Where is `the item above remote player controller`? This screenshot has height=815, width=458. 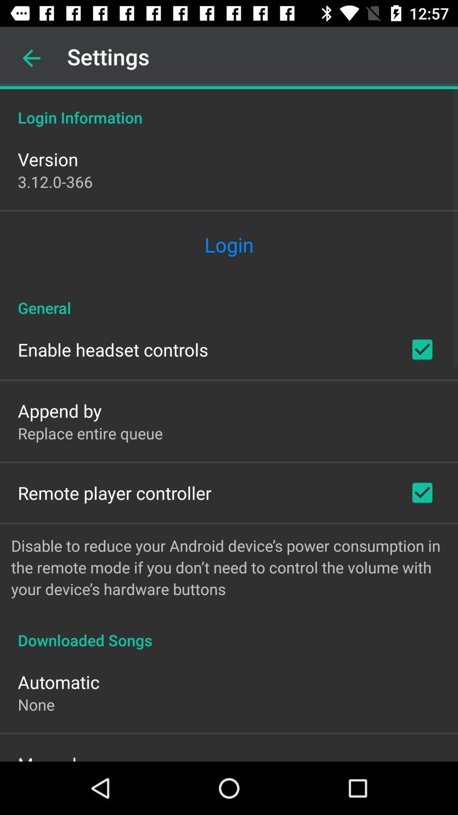
the item above remote player controller is located at coordinates (90, 433).